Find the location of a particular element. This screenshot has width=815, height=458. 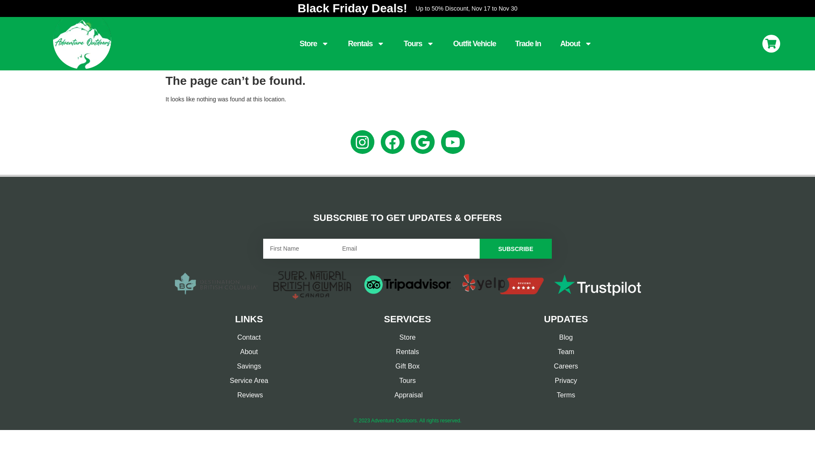

'Blog' is located at coordinates (566, 337).